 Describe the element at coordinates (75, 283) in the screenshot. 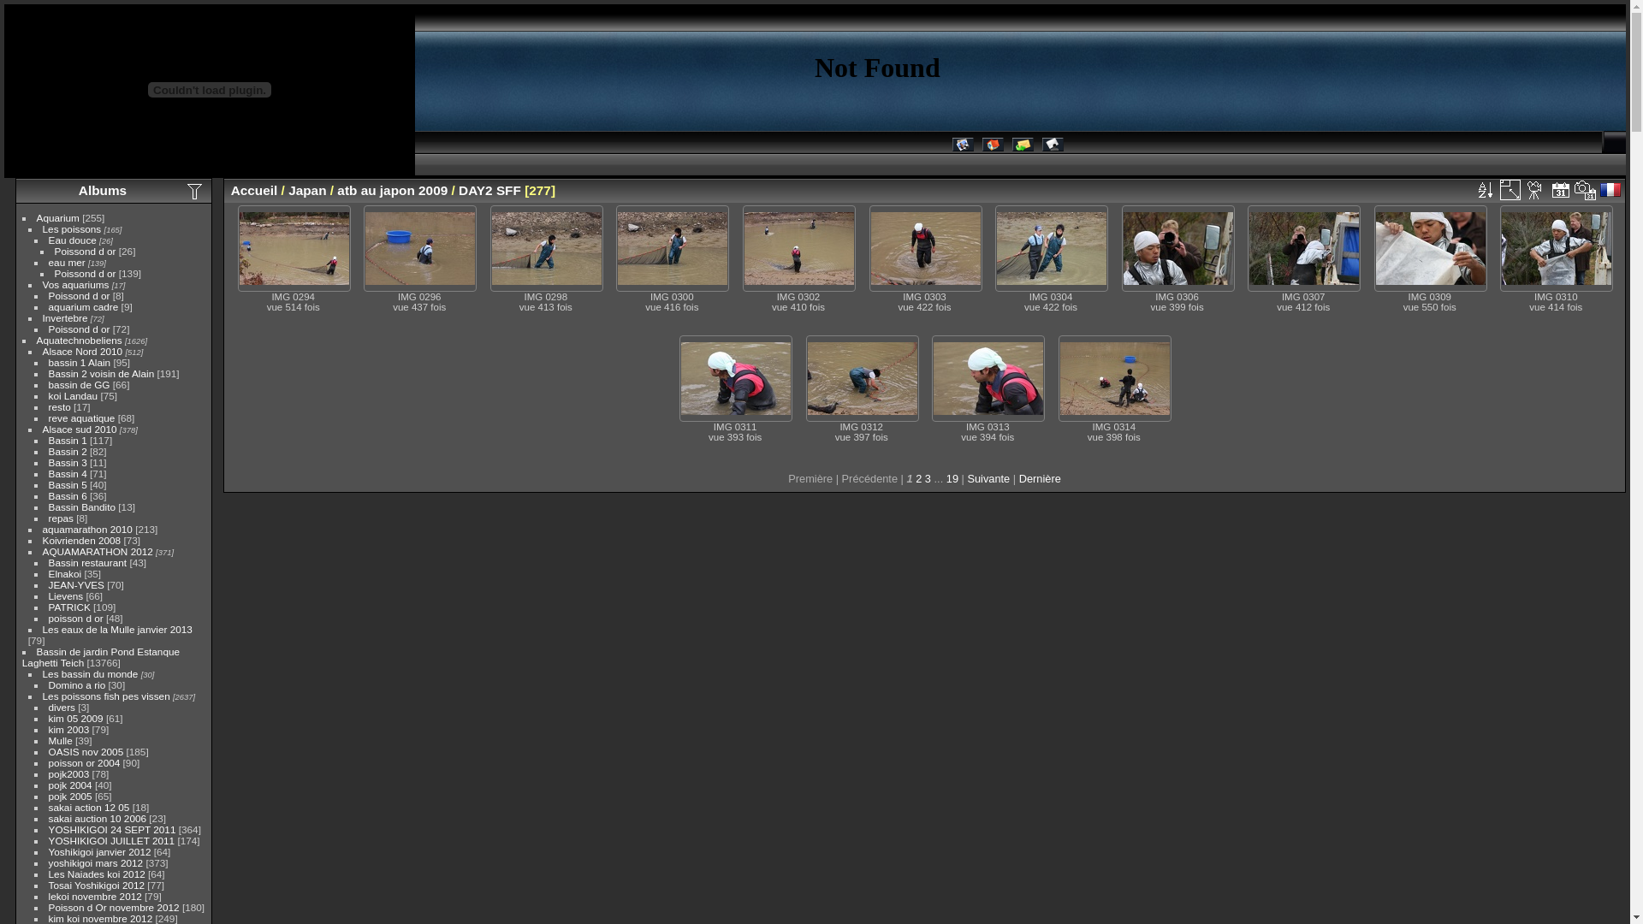

I see `'Vos aquariums'` at that location.